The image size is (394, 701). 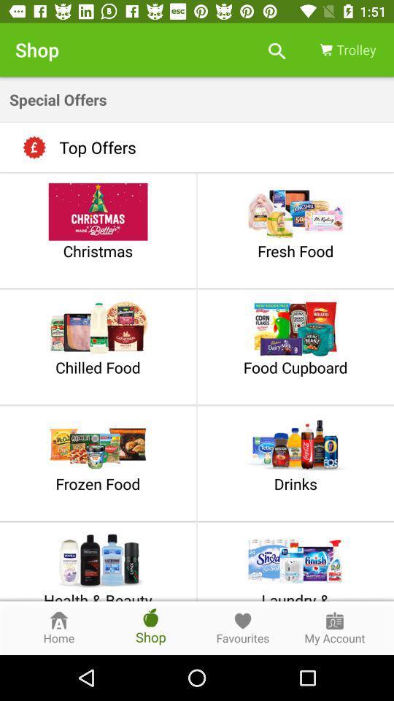 What do you see at coordinates (347, 50) in the screenshot?
I see `the trolley option` at bounding box center [347, 50].